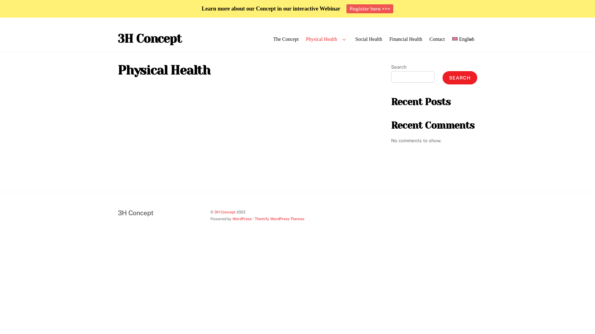  Describe the element at coordinates (224, 212) in the screenshot. I see `'3H Concept'` at that location.